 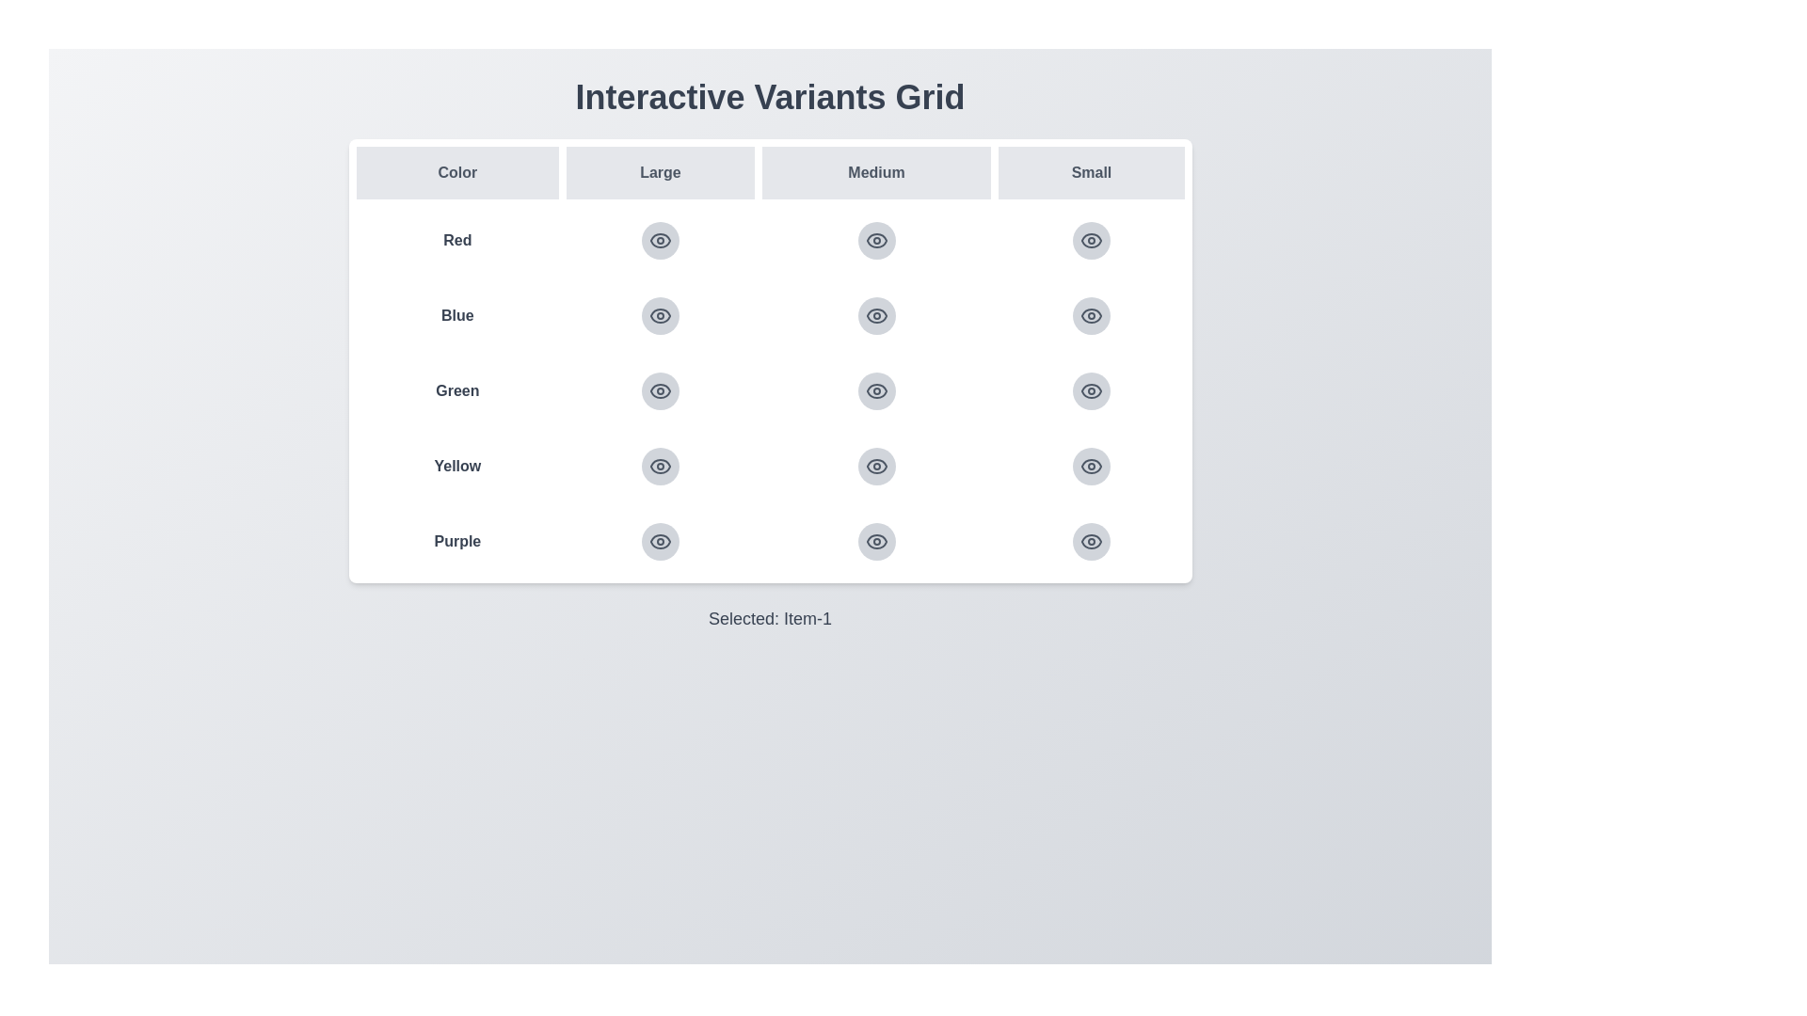 What do you see at coordinates (660, 314) in the screenshot?
I see `the eye-shaped icon located in the second column under the 'Blue' row` at bounding box center [660, 314].